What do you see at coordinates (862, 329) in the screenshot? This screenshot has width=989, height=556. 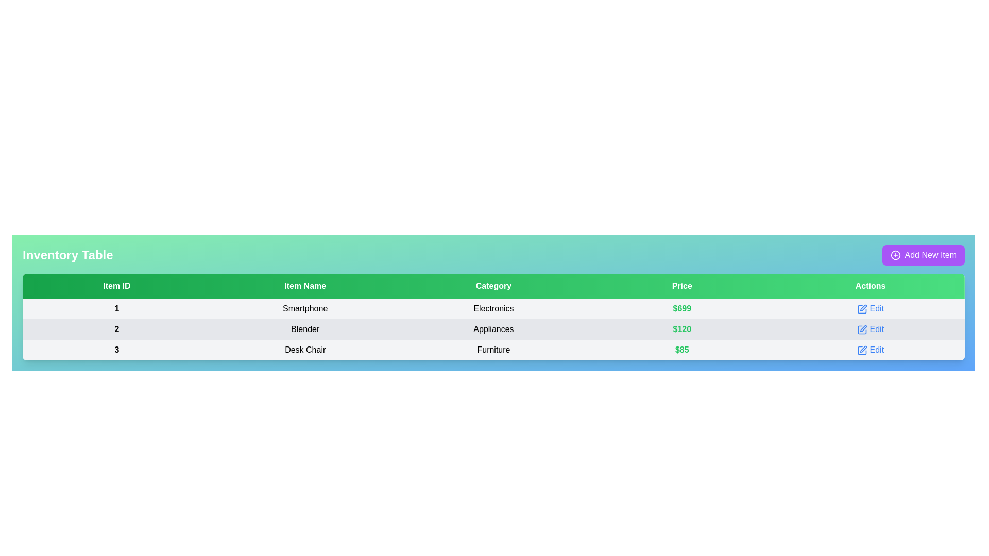 I see `the edit icon in the 'Actions' column for the second item, 'Blender', to initiate the edit action` at bounding box center [862, 329].